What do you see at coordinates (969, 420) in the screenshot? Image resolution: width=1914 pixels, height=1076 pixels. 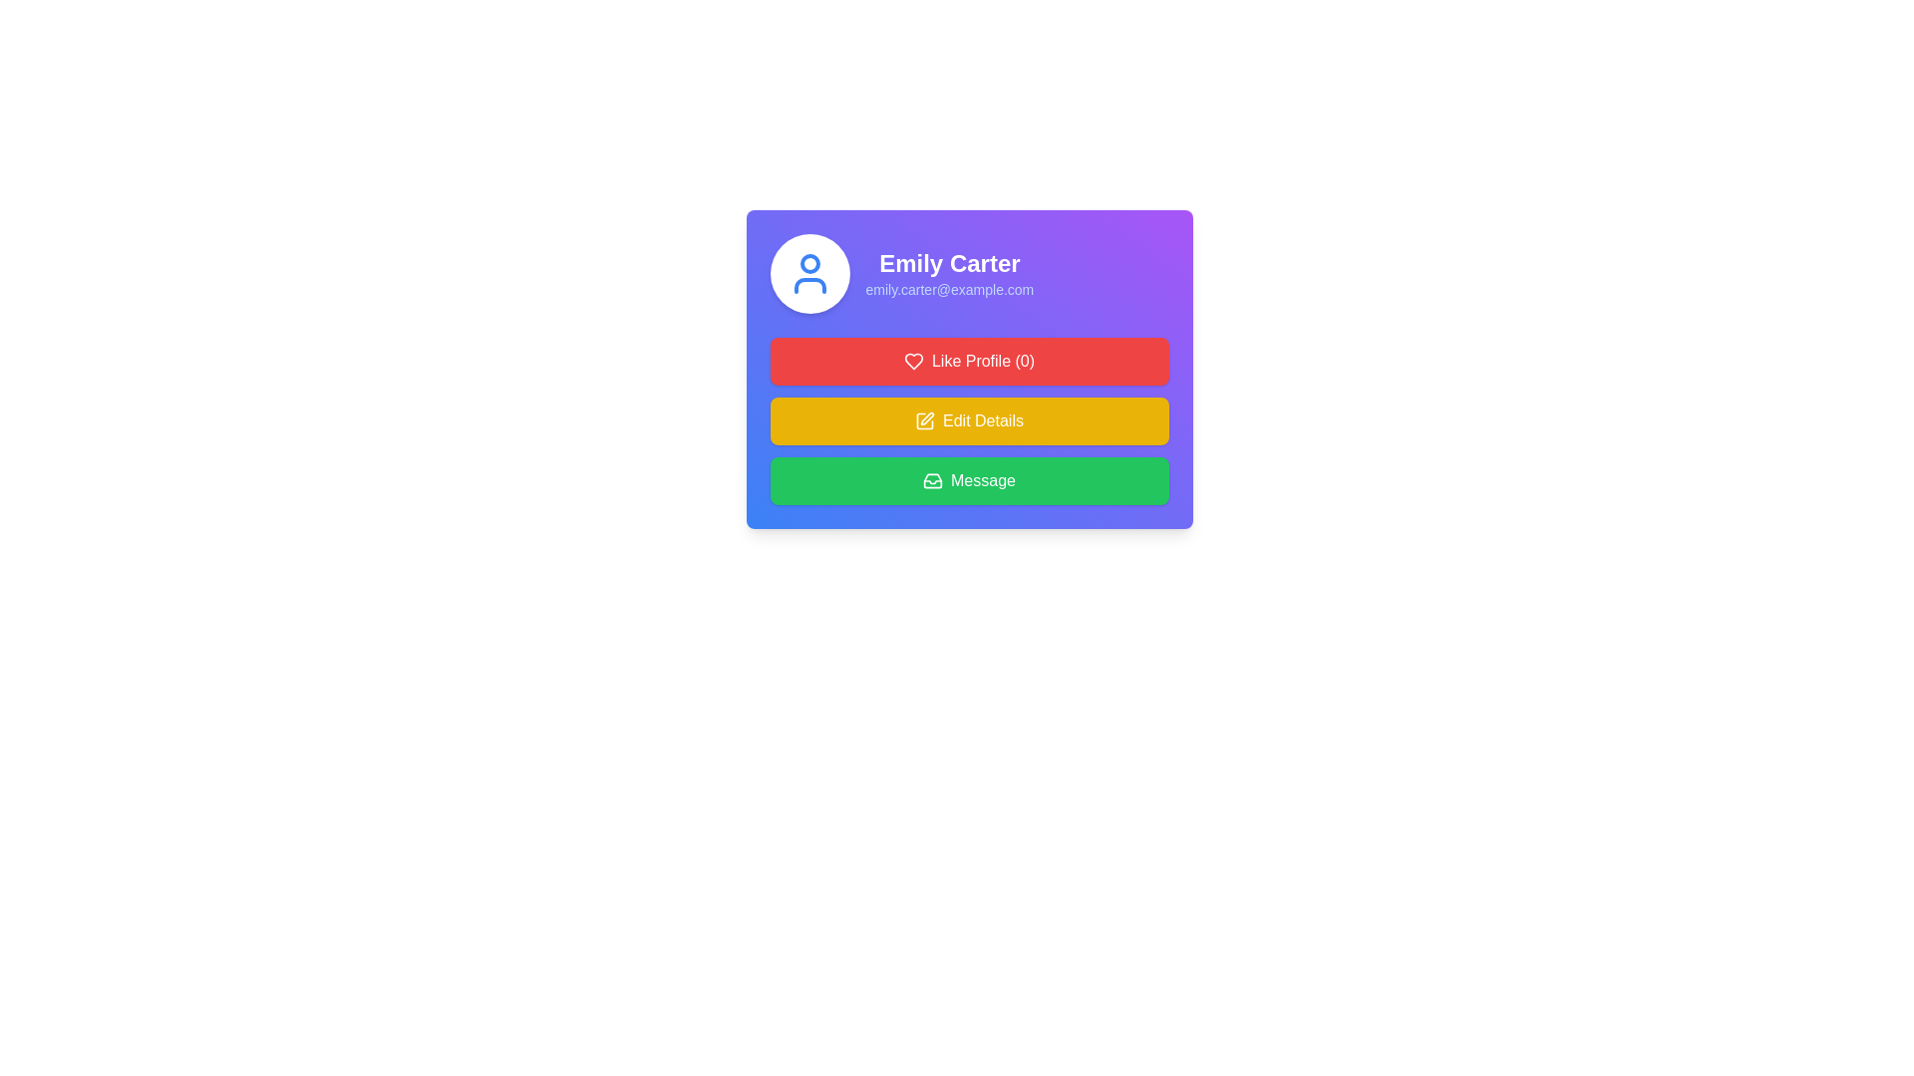 I see `the second button in a vertical stack of three buttons to initiate editing profile details` at bounding box center [969, 420].